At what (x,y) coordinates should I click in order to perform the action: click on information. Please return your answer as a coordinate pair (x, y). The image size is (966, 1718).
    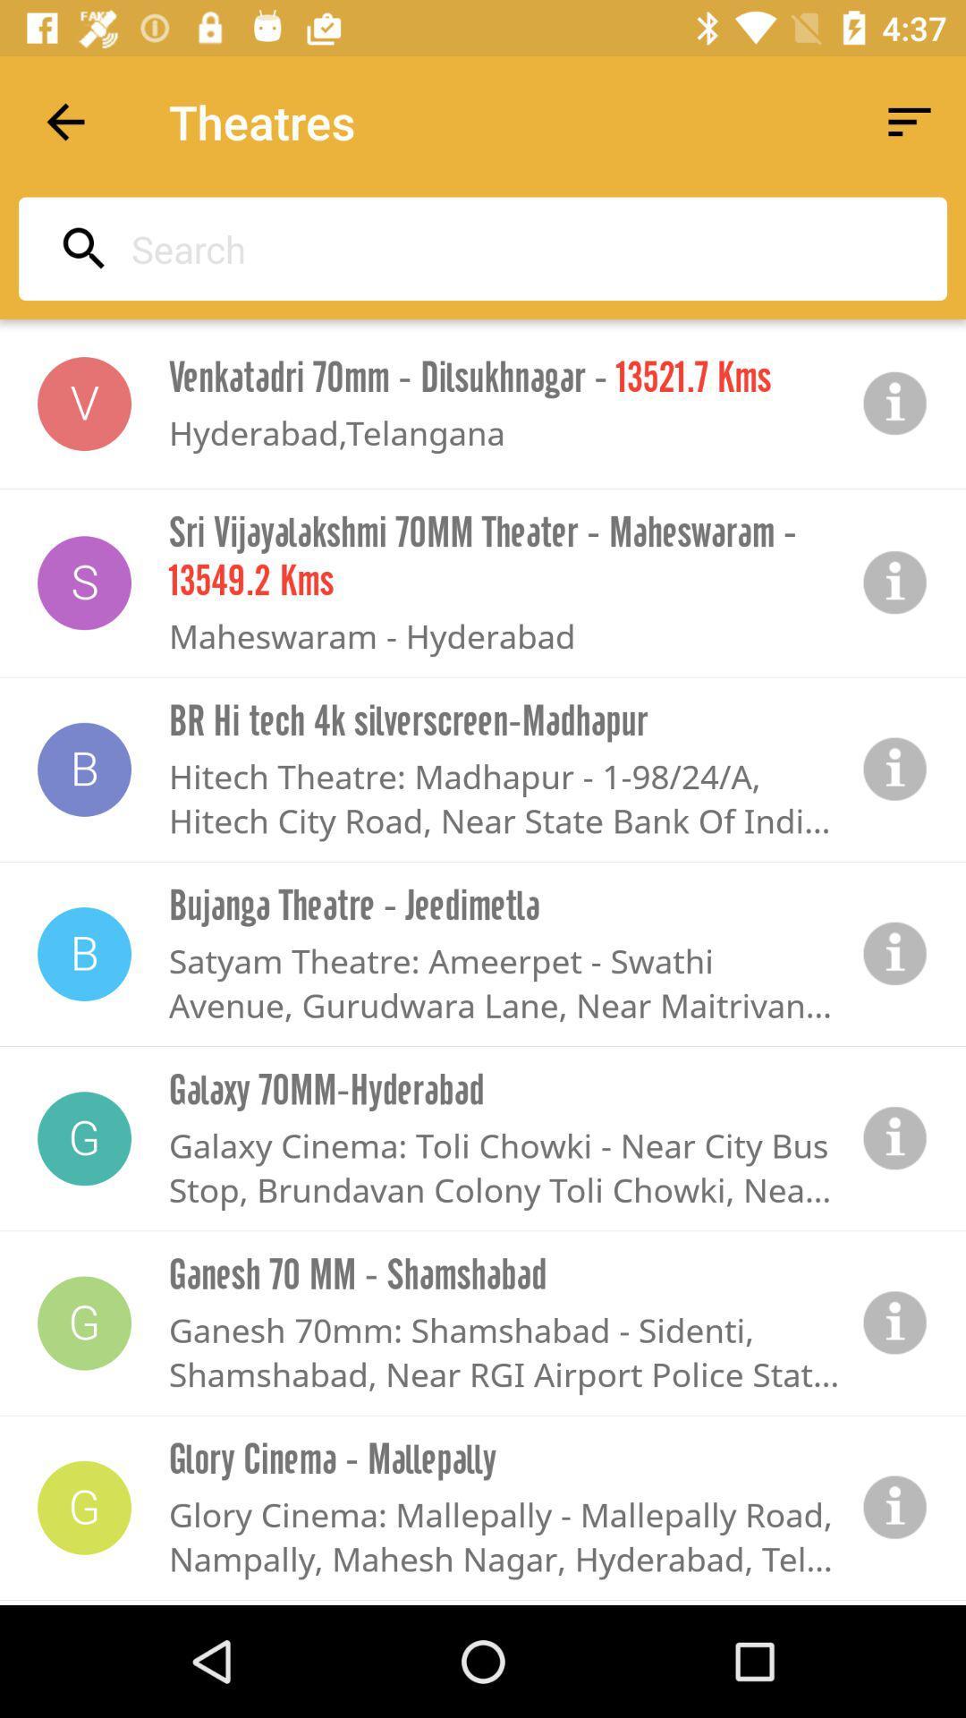
    Looking at the image, I should click on (895, 583).